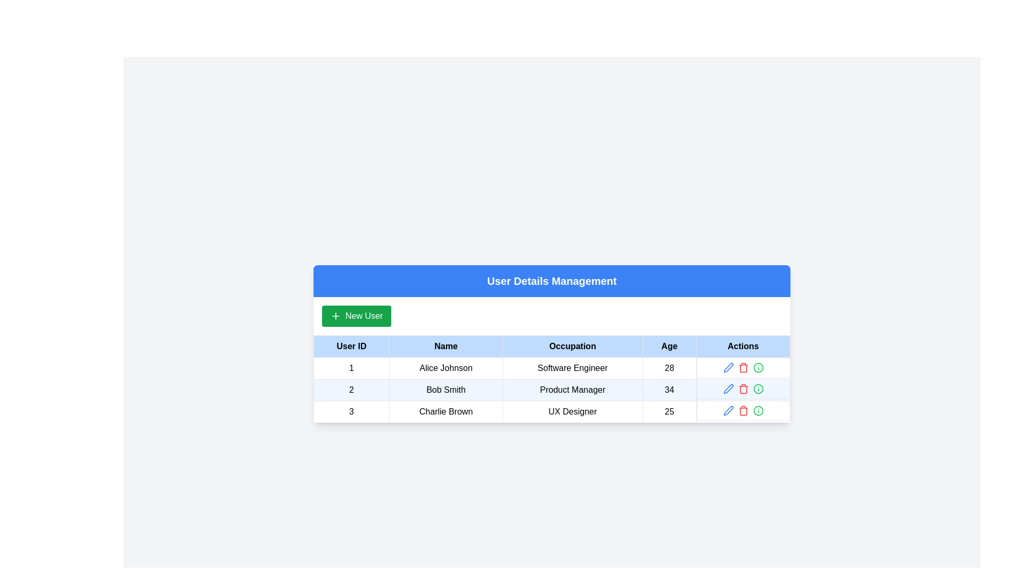  Describe the element at coordinates (757, 410) in the screenshot. I see `the decorative circle element that serves as part of the 'info' button icon, located in the third row of the Actions column in the user management table` at that location.